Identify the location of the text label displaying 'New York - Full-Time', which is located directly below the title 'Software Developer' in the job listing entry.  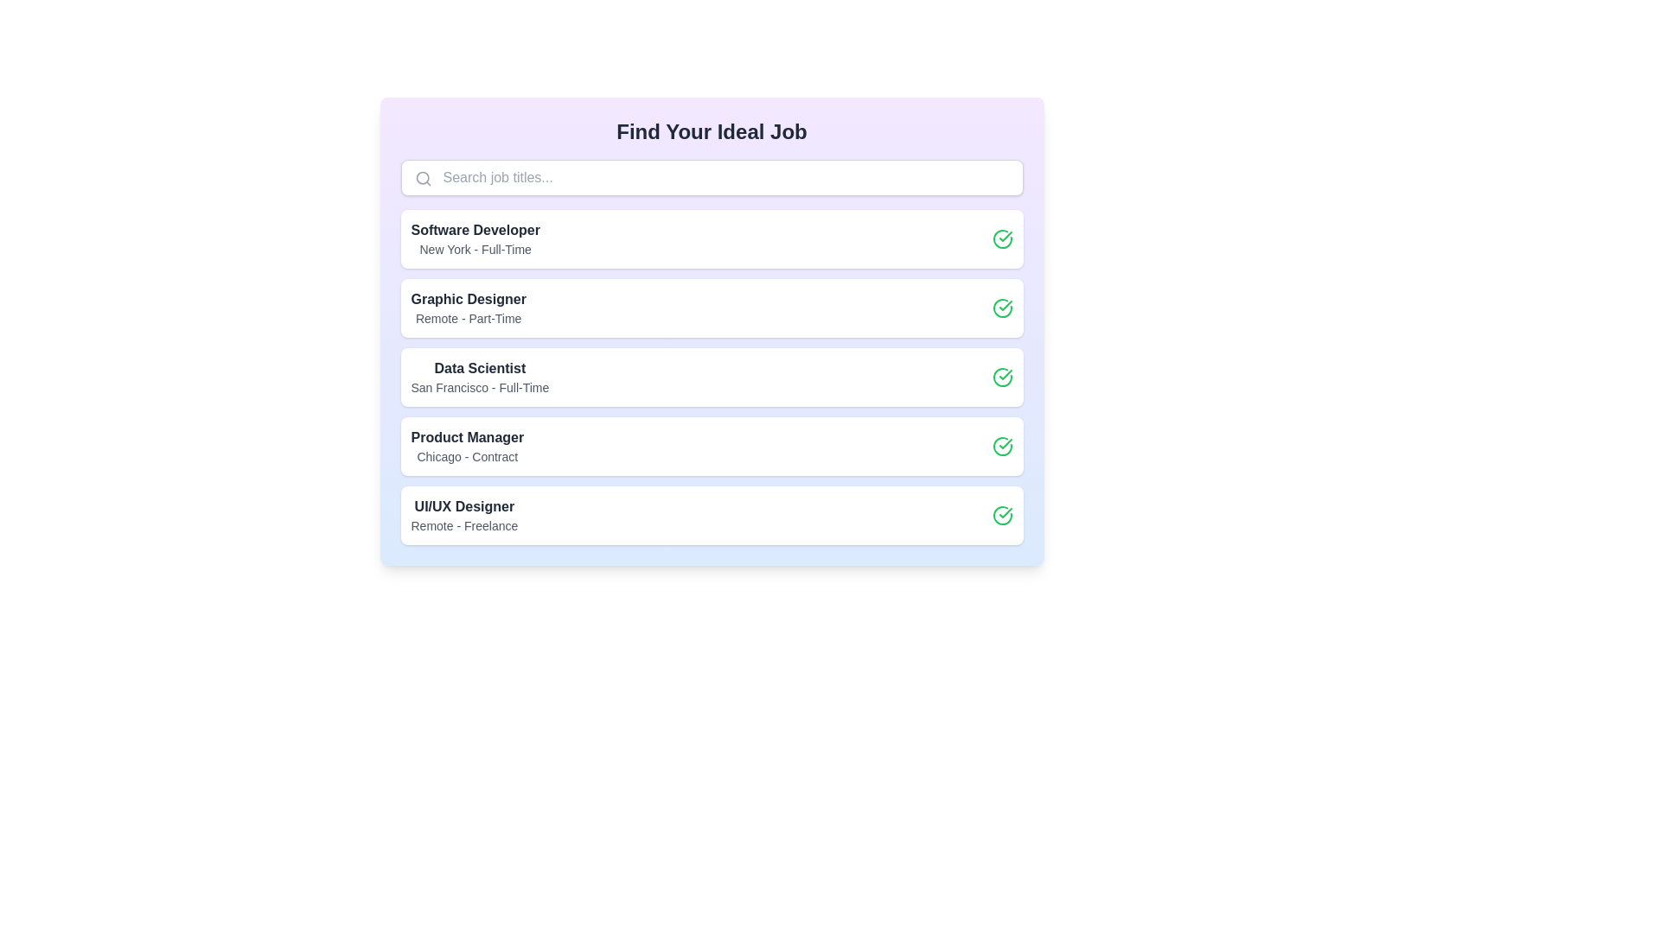
(476, 250).